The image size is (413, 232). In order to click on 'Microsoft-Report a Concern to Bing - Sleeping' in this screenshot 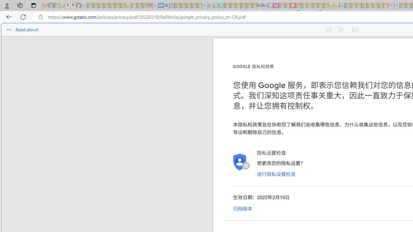, I will do `click(57, 5)`.